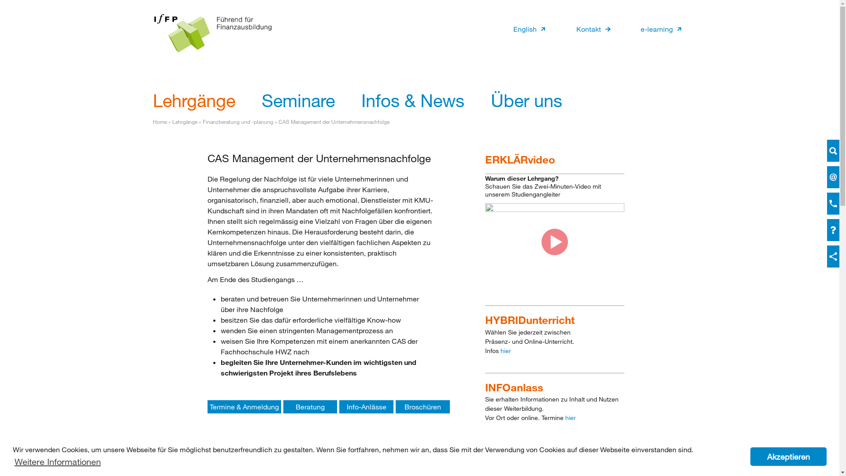 This screenshot has height=476, width=846. Describe the element at coordinates (152, 122) in the screenshot. I see `'Home'` at that location.